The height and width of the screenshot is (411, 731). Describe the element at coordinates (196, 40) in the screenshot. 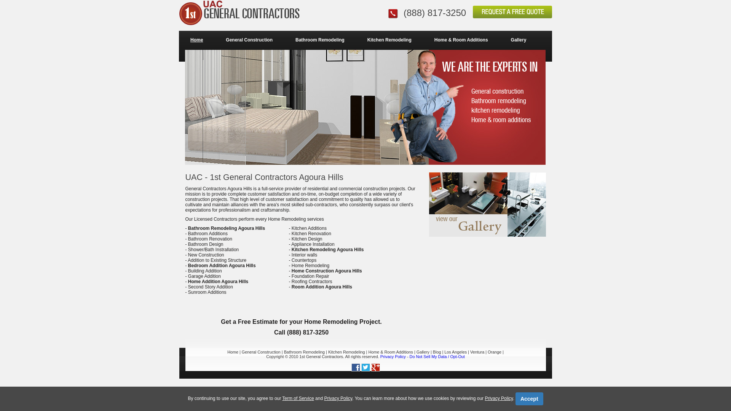

I see `'Home'` at that location.